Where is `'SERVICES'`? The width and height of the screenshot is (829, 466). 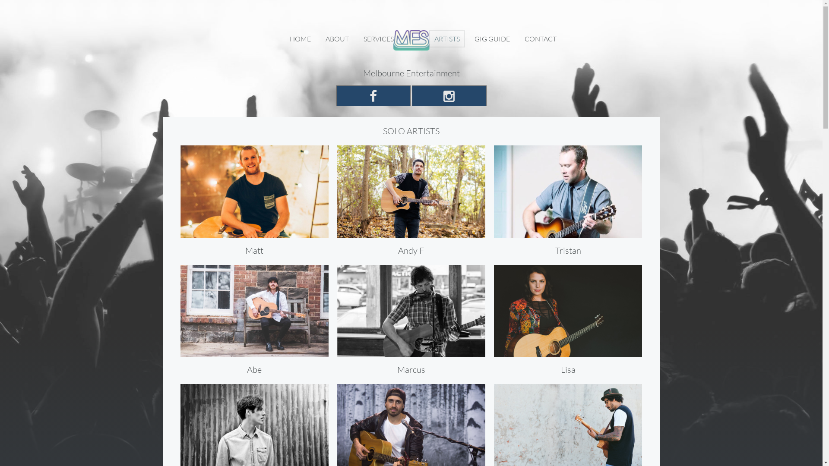
'SERVICES' is located at coordinates (358, 38).